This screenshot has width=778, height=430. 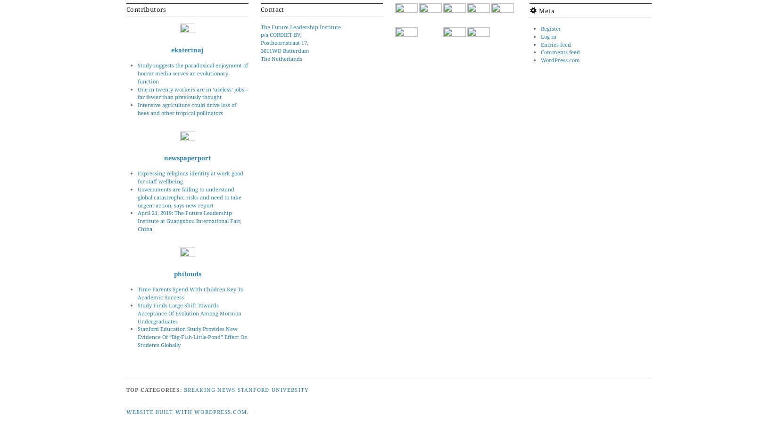 What do you see at coordinates (193, 73) in the screenshot?
I see `'Study suggests the paradoxical enjoyment of horror media serves an evolutionary function'` at bounding box center [193, 73].